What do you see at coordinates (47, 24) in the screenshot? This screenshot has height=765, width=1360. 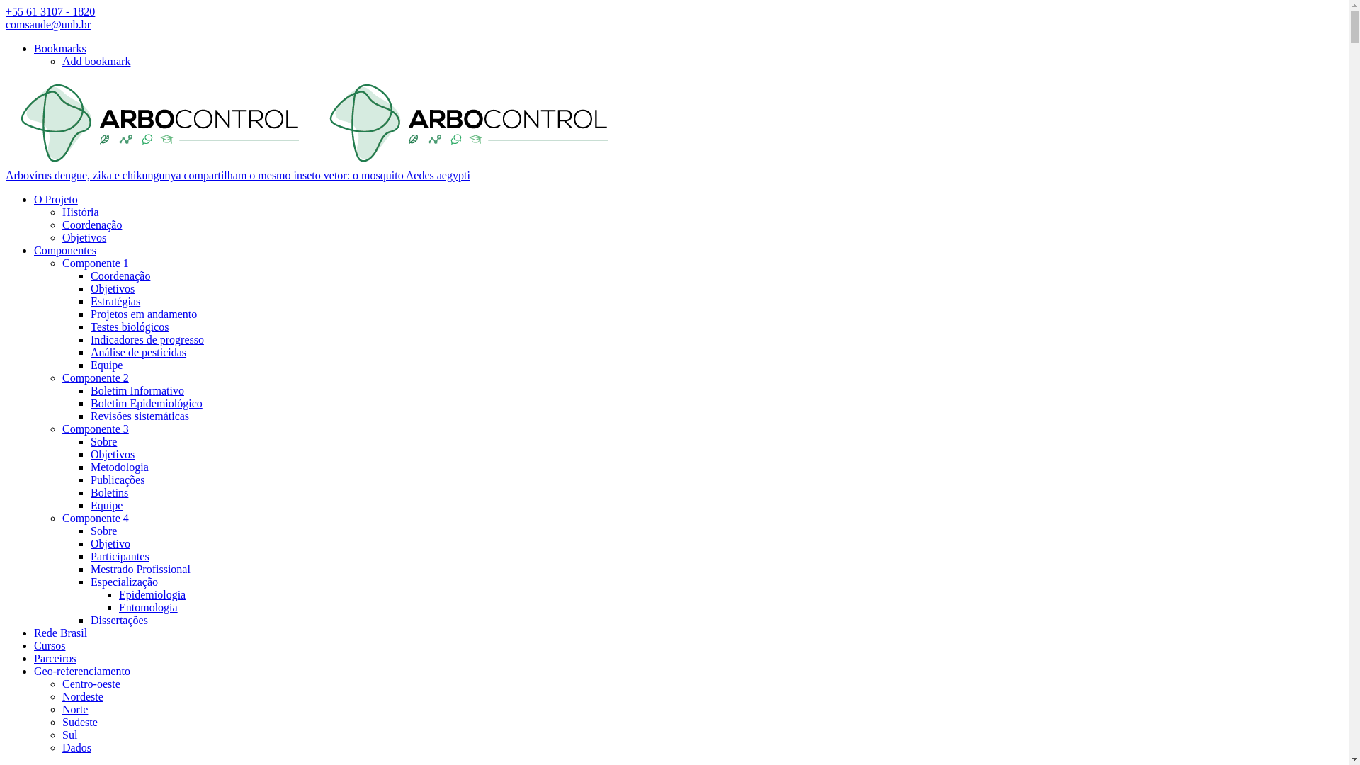 I see `'comsaude@unb.br'` at bounding box center [47, 24].